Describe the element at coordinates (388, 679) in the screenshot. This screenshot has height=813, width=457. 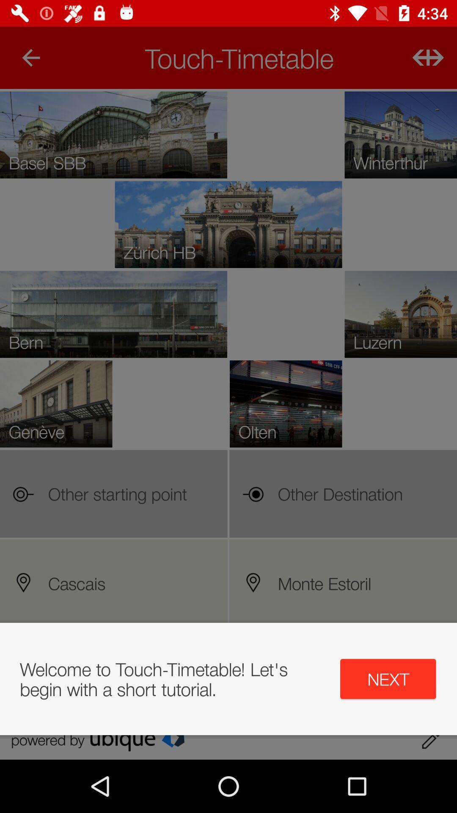
I see `next item` at that location.